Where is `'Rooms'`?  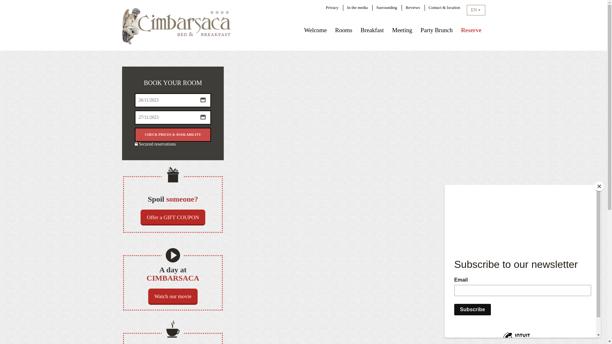
'Rooms' is located at coordinates (343, 30).